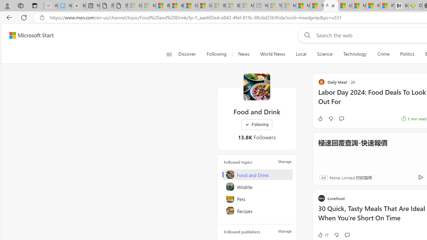 Image resolution: width=427 pixels, height=240 pixels. I want to click on 'Crime', so click(383, 54).